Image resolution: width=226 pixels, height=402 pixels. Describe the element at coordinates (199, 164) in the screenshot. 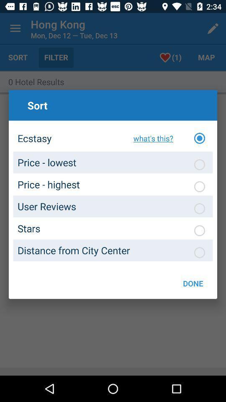

I see `sort by price lowest first` at that location.